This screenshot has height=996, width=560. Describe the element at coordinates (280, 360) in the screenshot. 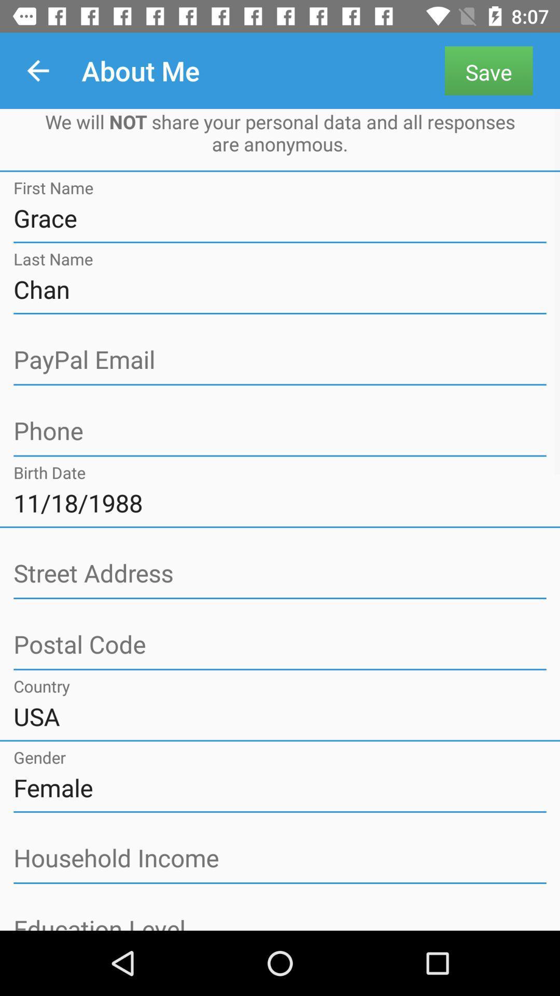

I see `indicate email` at that location.